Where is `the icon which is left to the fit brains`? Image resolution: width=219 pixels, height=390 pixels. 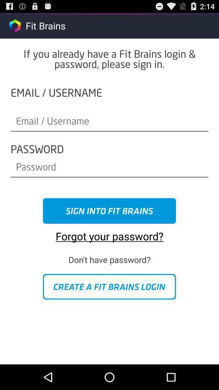 the icon which is left to the fit brains is located at coordinates (15, 26).